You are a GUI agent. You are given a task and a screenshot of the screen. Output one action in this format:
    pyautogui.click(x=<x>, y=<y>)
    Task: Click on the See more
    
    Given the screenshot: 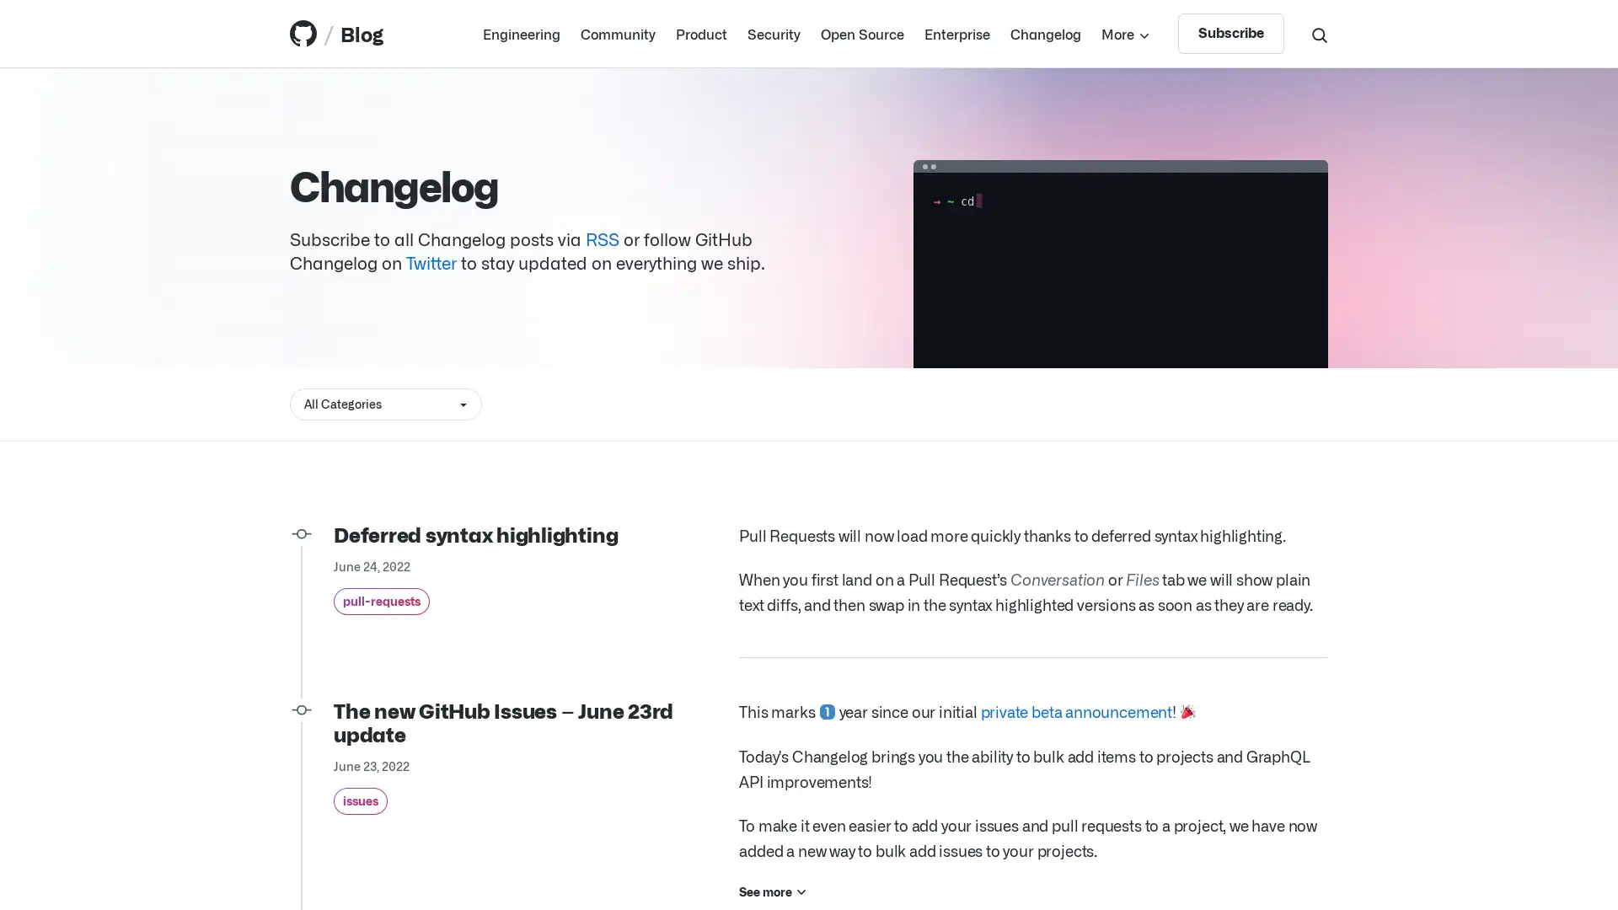 What is the action you would take?
    pyautogui.click(x=772, y=891)
    